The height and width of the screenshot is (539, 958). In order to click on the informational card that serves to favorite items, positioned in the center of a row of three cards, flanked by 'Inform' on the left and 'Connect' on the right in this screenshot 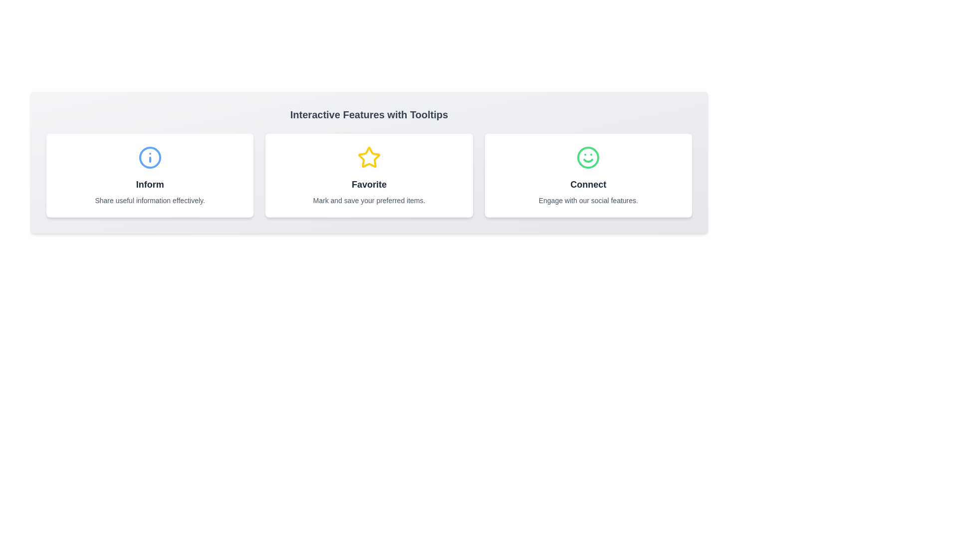, I will do `click(368, 175)`.